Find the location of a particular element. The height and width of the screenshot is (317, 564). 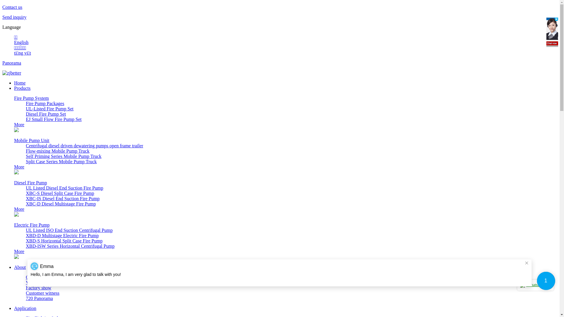

'Split Case Series Mobile Pump Truck' is located at coordinates (61, 161).